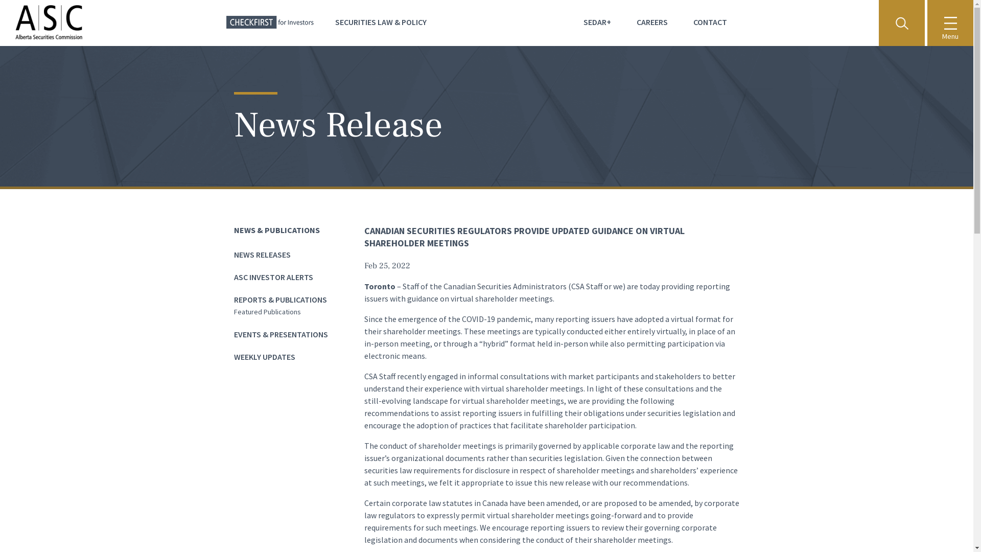  I want to click on 'SEDAR+', so click(597, 21).